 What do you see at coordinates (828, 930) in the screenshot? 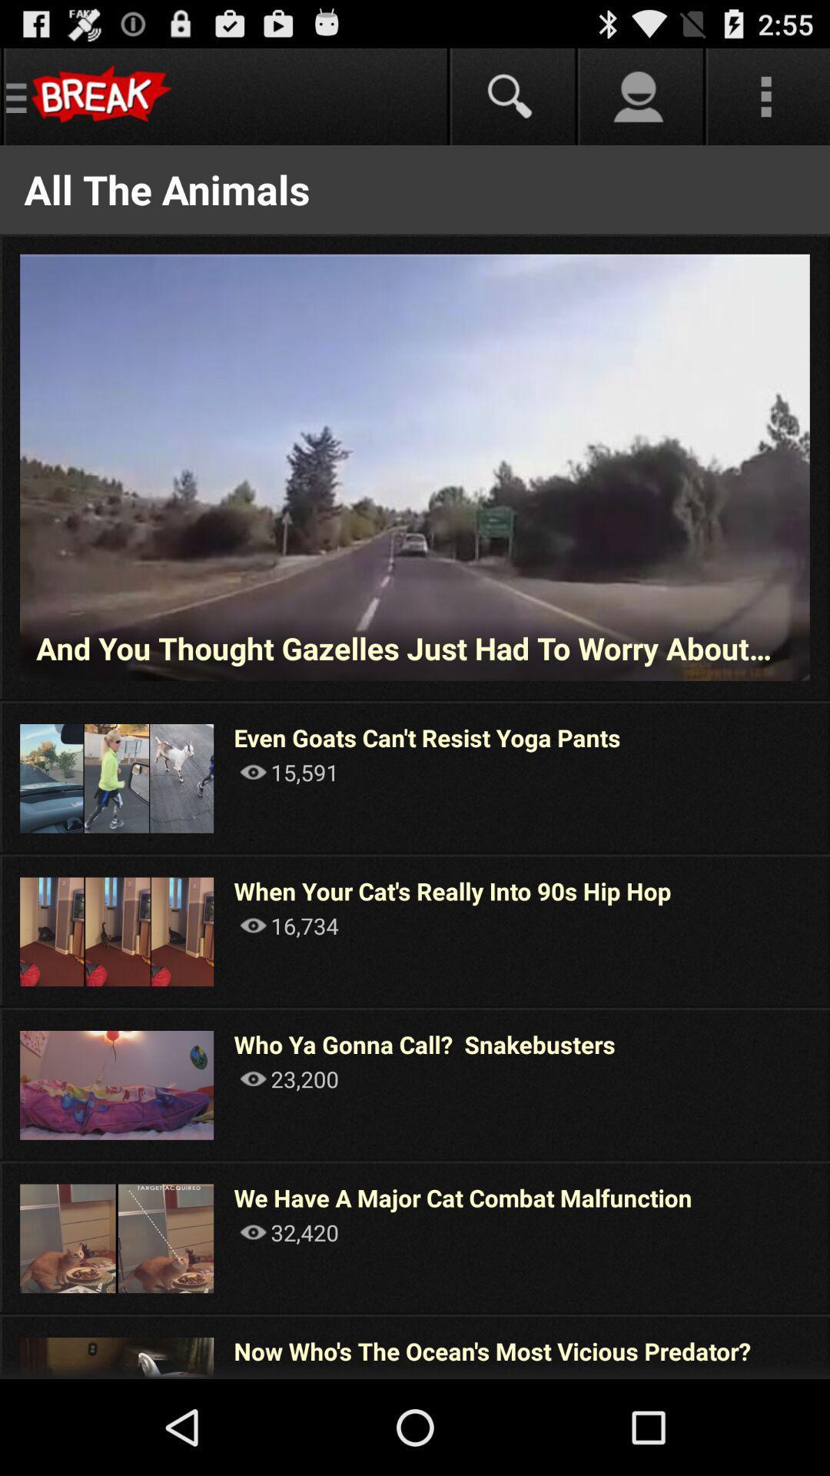
I see `app next to when your cat app` at bounding box center [828, 930].